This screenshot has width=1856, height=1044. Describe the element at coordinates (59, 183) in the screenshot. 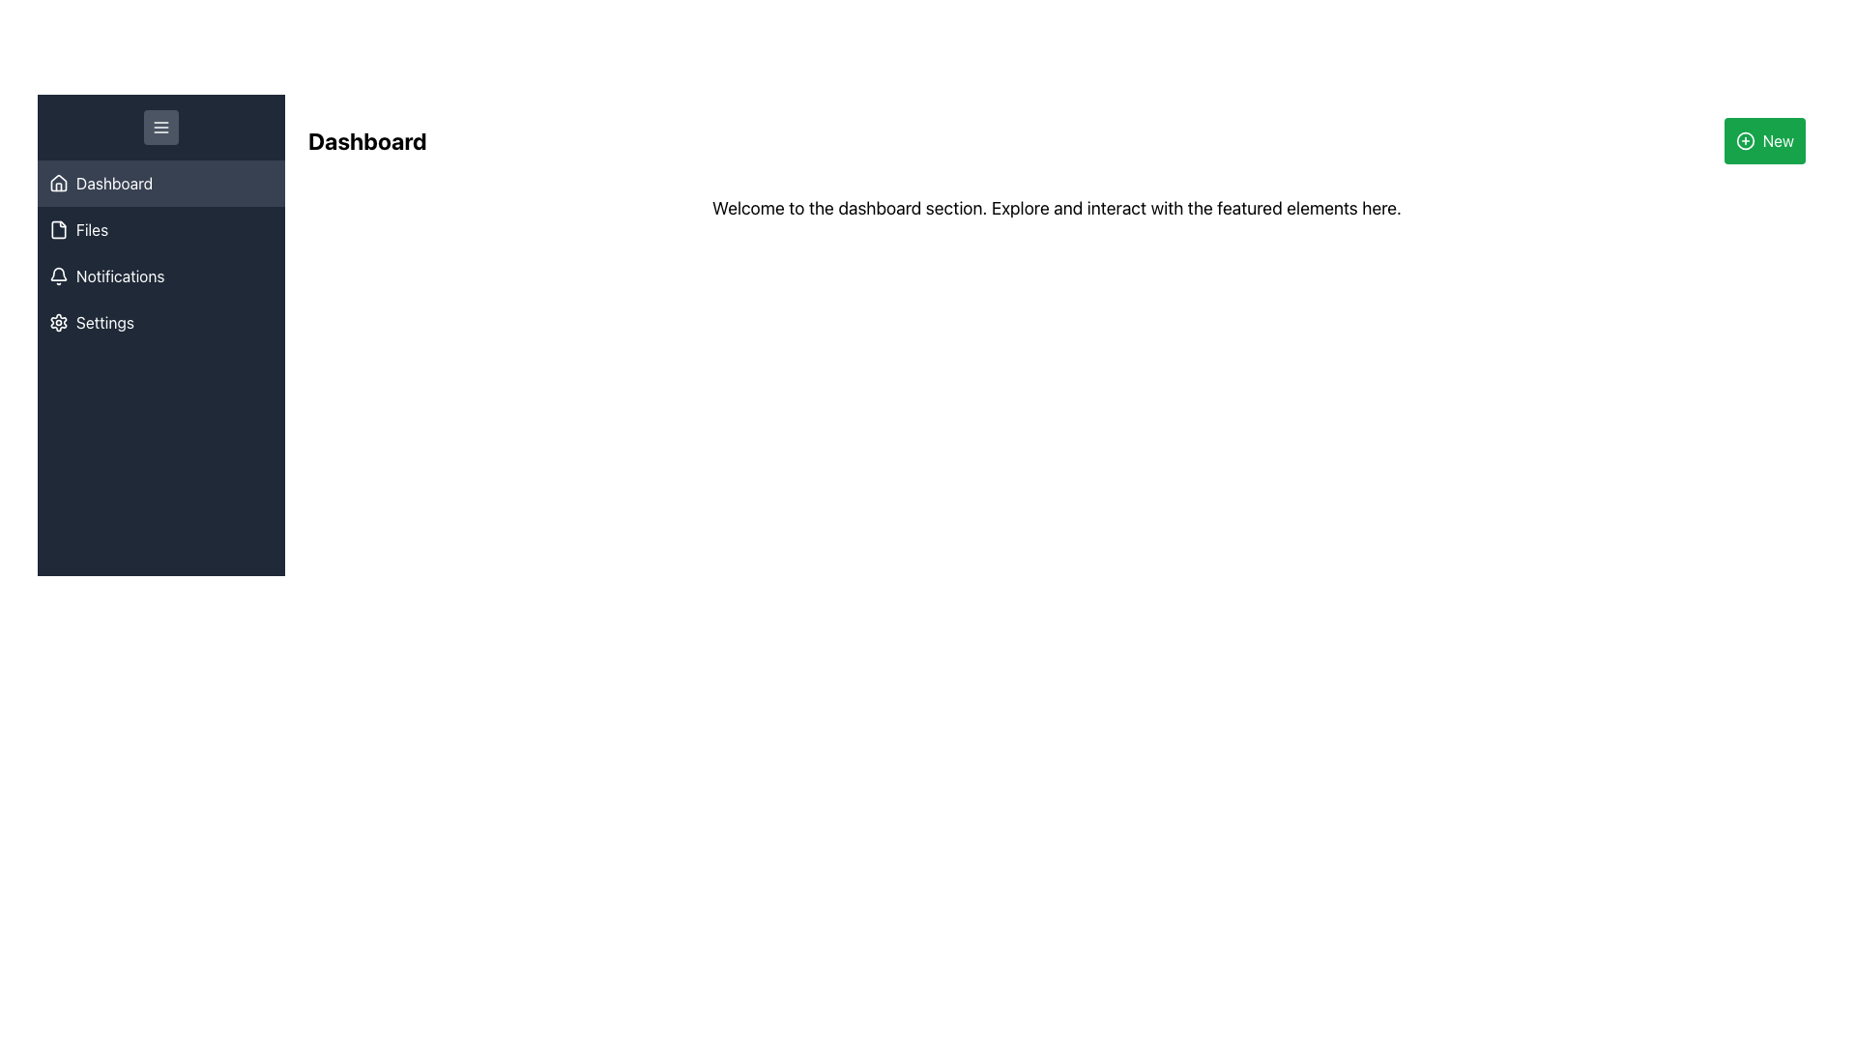

I see `the decorative navigation icon representing the 'Dashboard' section` at that location.